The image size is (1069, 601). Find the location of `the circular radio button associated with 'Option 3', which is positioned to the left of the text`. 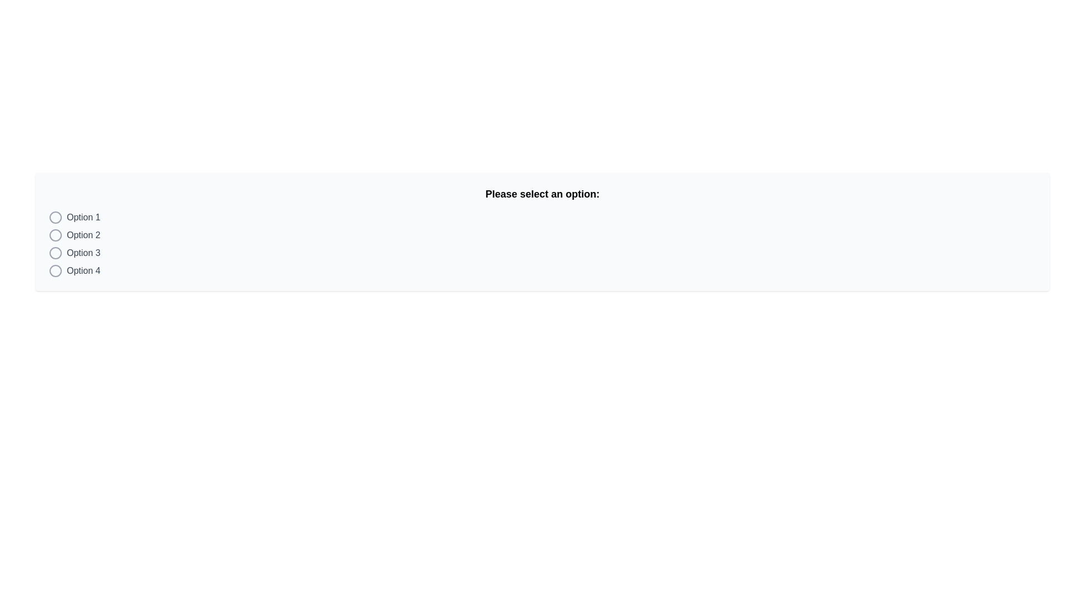

the circular radio button associated with 'Option 3', which is positioned to the left of the text is located at coordinates (55, 253).